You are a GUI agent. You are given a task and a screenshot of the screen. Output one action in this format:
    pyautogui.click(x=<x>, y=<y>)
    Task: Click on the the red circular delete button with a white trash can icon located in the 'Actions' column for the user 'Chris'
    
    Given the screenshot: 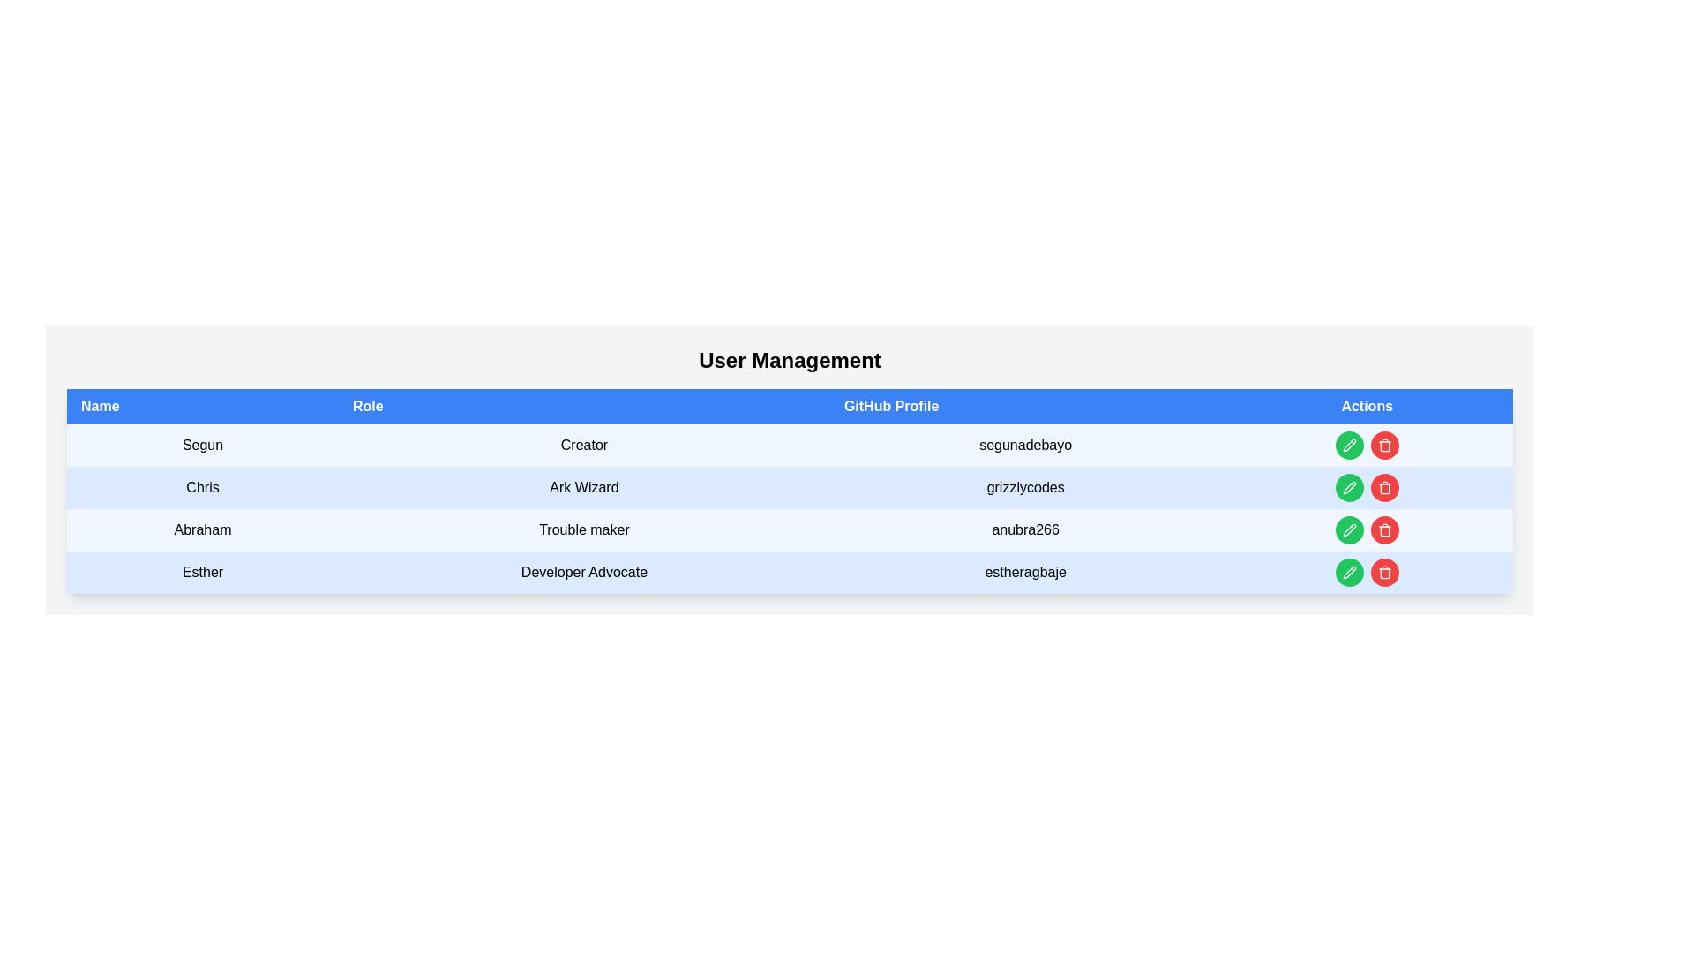 What is the action you would take?
    pyautogui.click(x=1383, y=529)
    